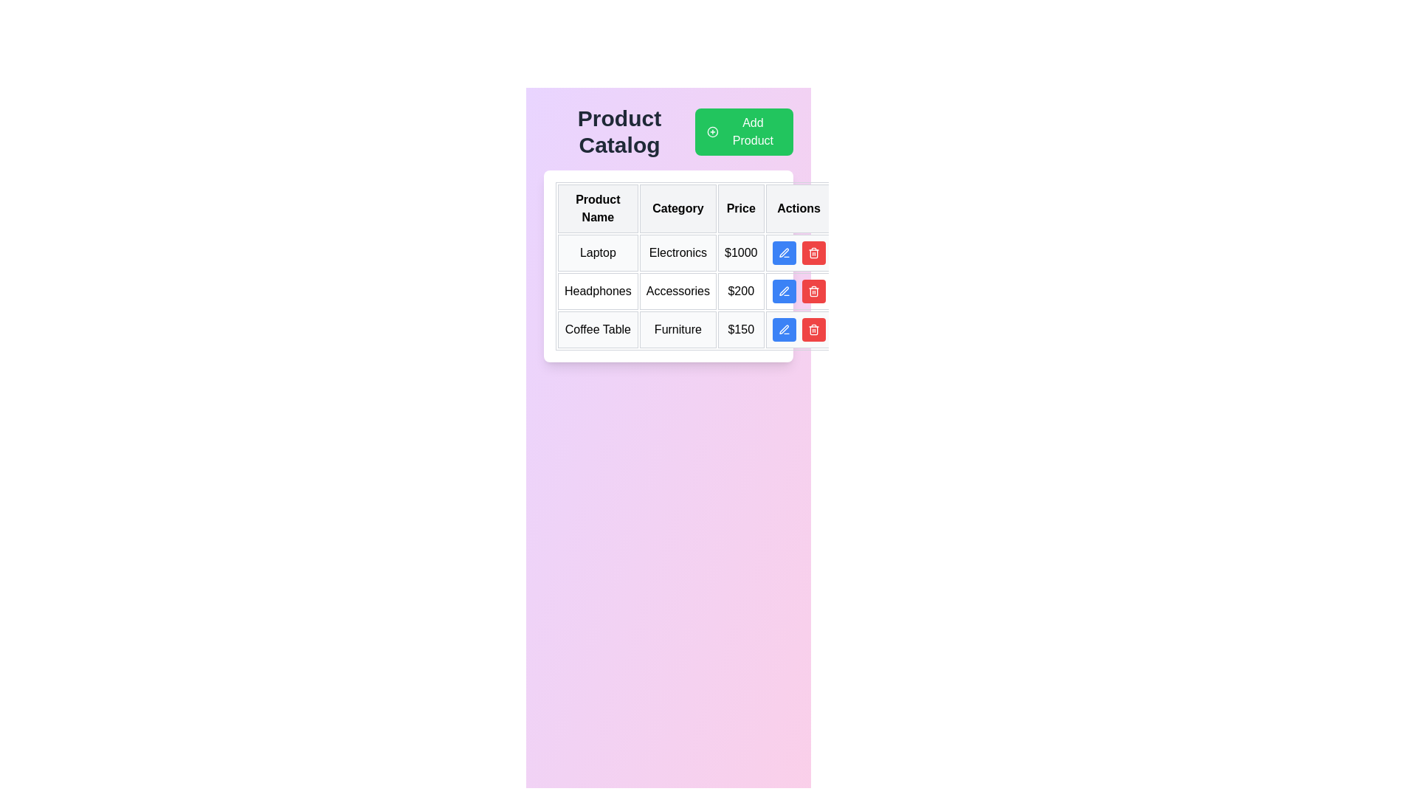 The width and height of the screenshot is (1417, 797). I want to click on the vector graphic component that is part of the trash can icon in the 'Actions' column of the last row in the product table, so click(813, 253).